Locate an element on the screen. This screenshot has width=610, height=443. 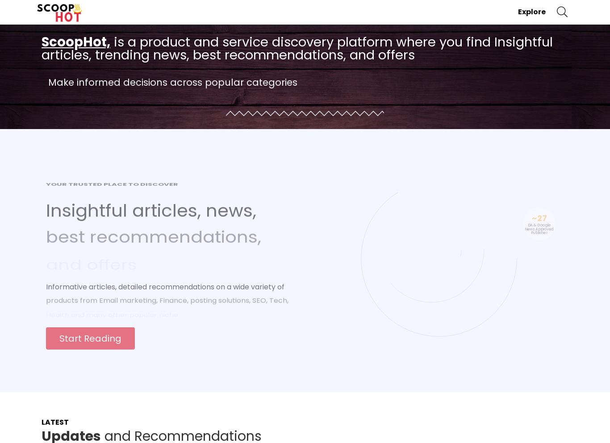
'Explore' is located at coordinates (532, 11).